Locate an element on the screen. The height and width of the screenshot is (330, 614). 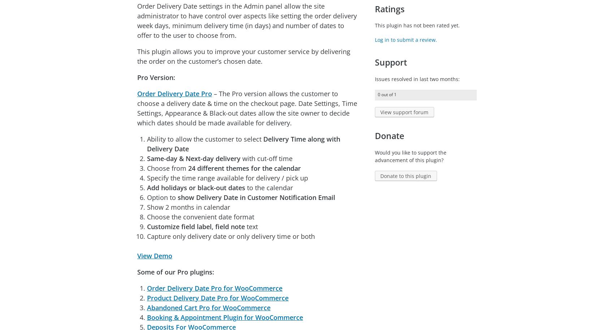
'Specify the time range available for delivery / pick up' is located at coordinates (227, 177).